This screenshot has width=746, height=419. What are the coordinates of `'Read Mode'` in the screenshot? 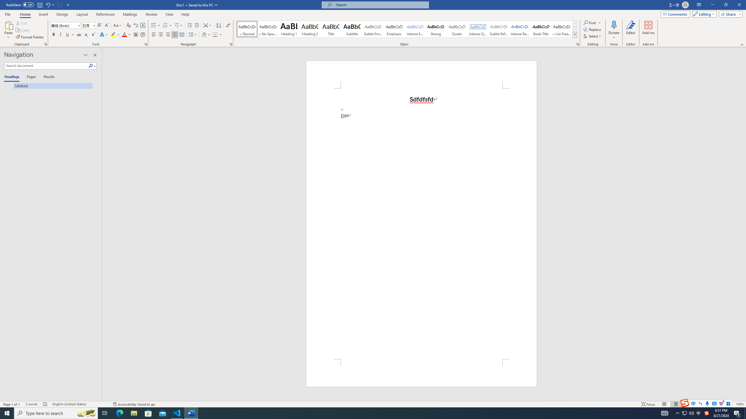 It's located at (664, 404).